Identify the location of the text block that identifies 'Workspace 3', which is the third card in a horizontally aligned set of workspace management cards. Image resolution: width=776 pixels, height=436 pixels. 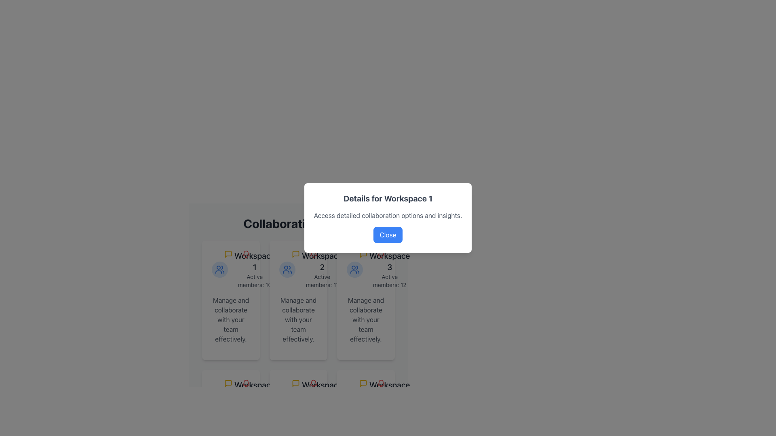
(390, 269).